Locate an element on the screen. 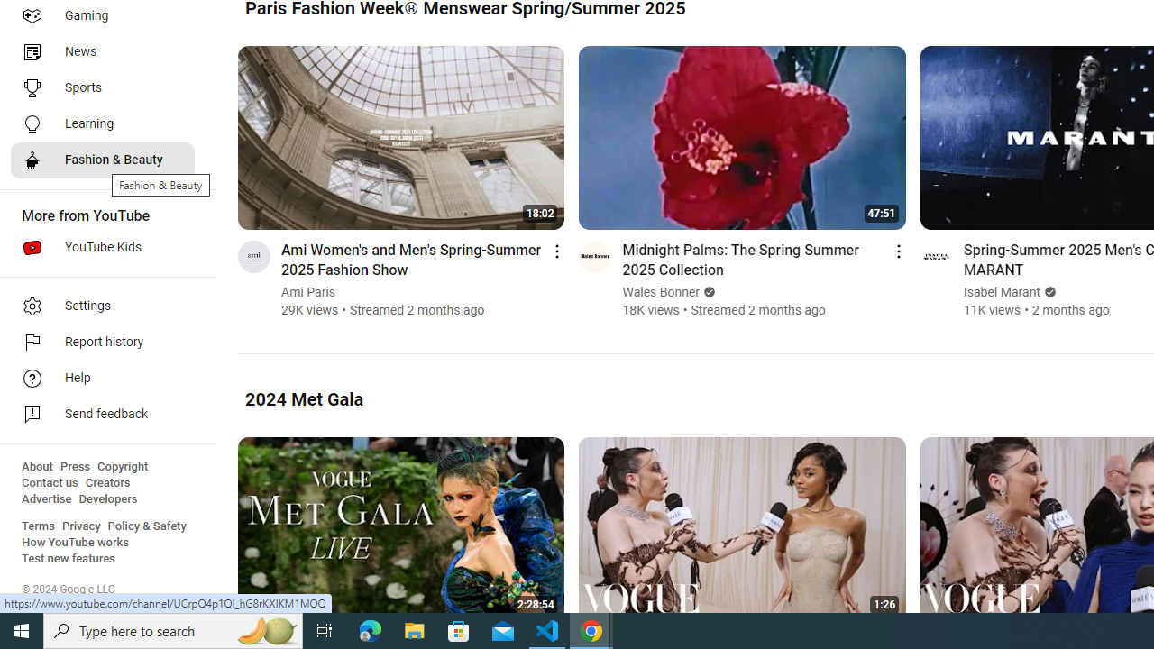  'Press' is located at coordinates (74, 466).